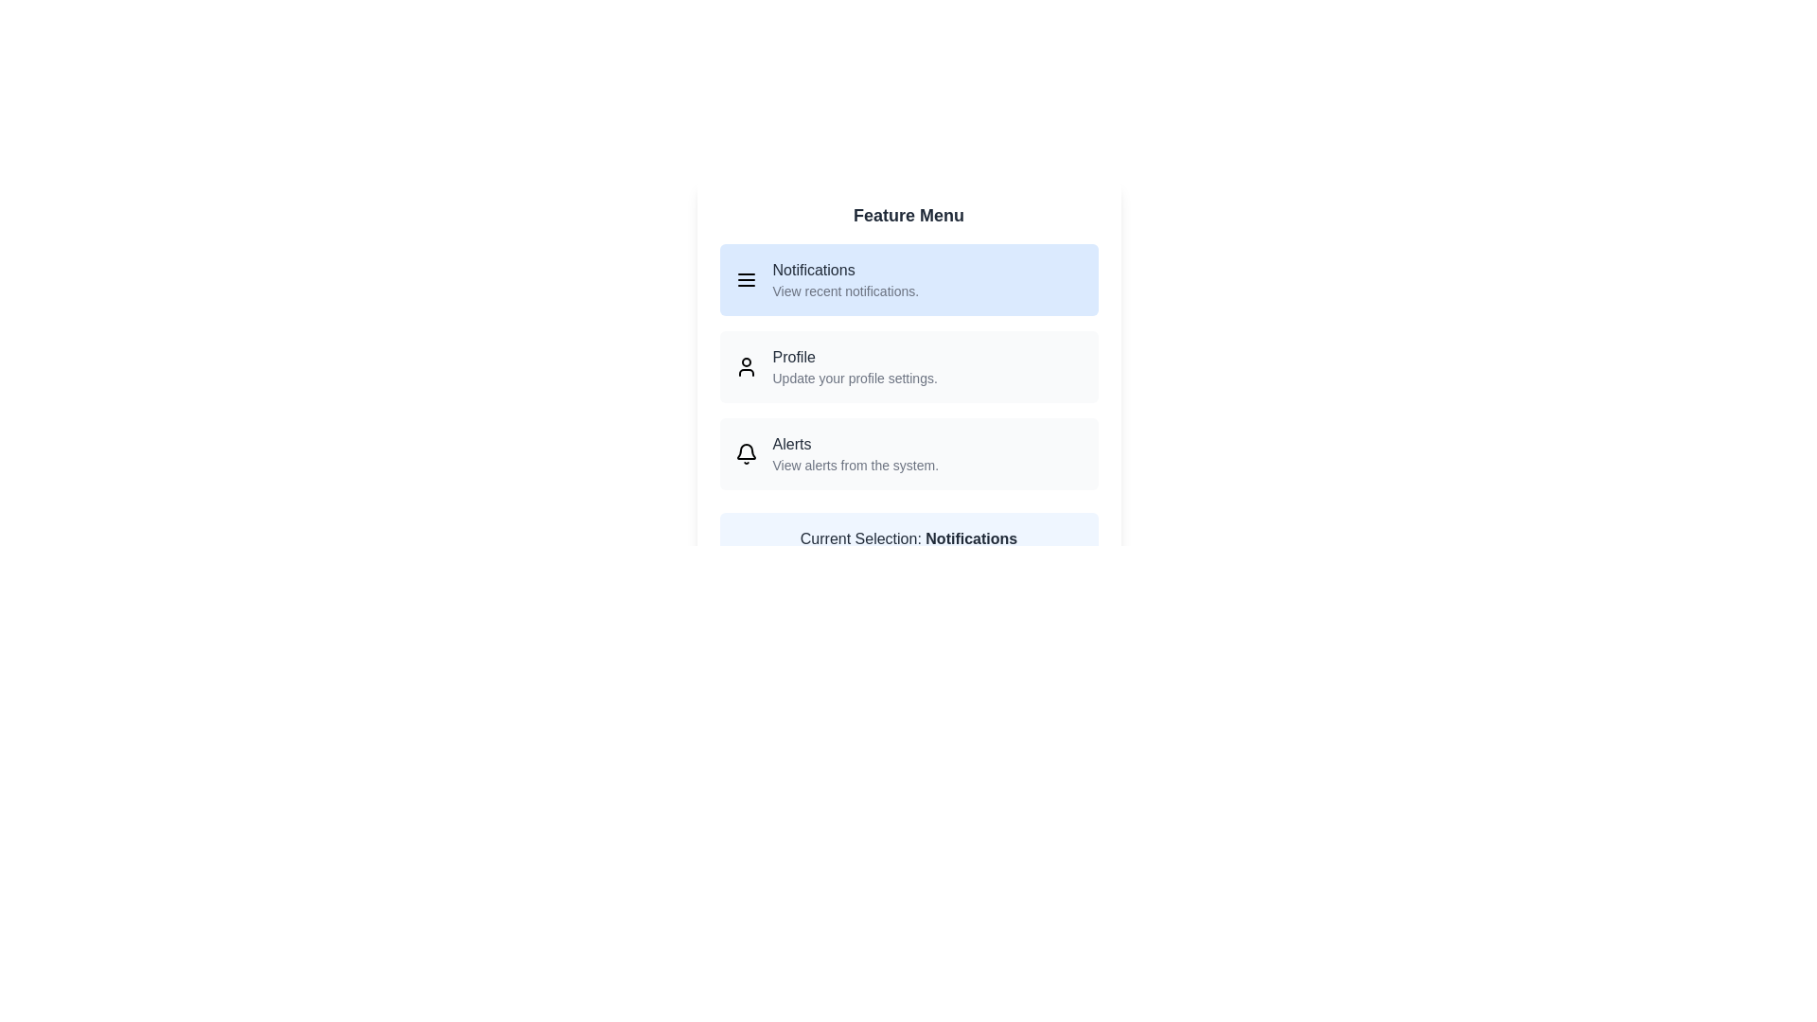  I want to click on the menu item Notifications by clicking on it, so click(908, 280).